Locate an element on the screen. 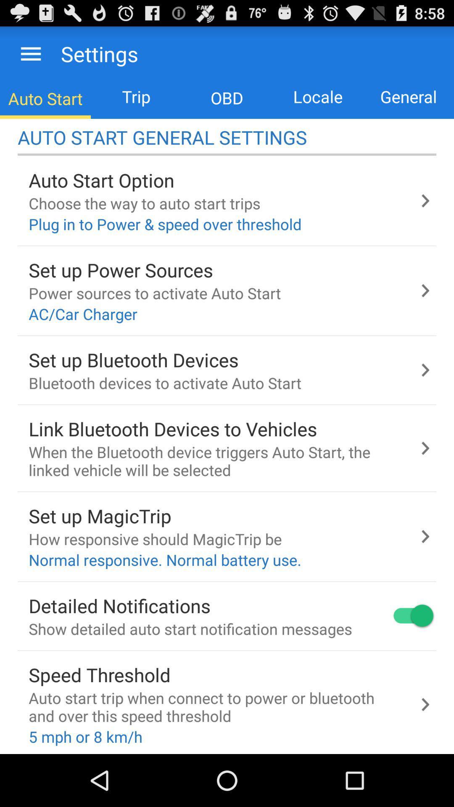 Image resolution: width=454 pixels, height=807 pixels. the next option of the fourth setting is located at coordinates (425, 448).